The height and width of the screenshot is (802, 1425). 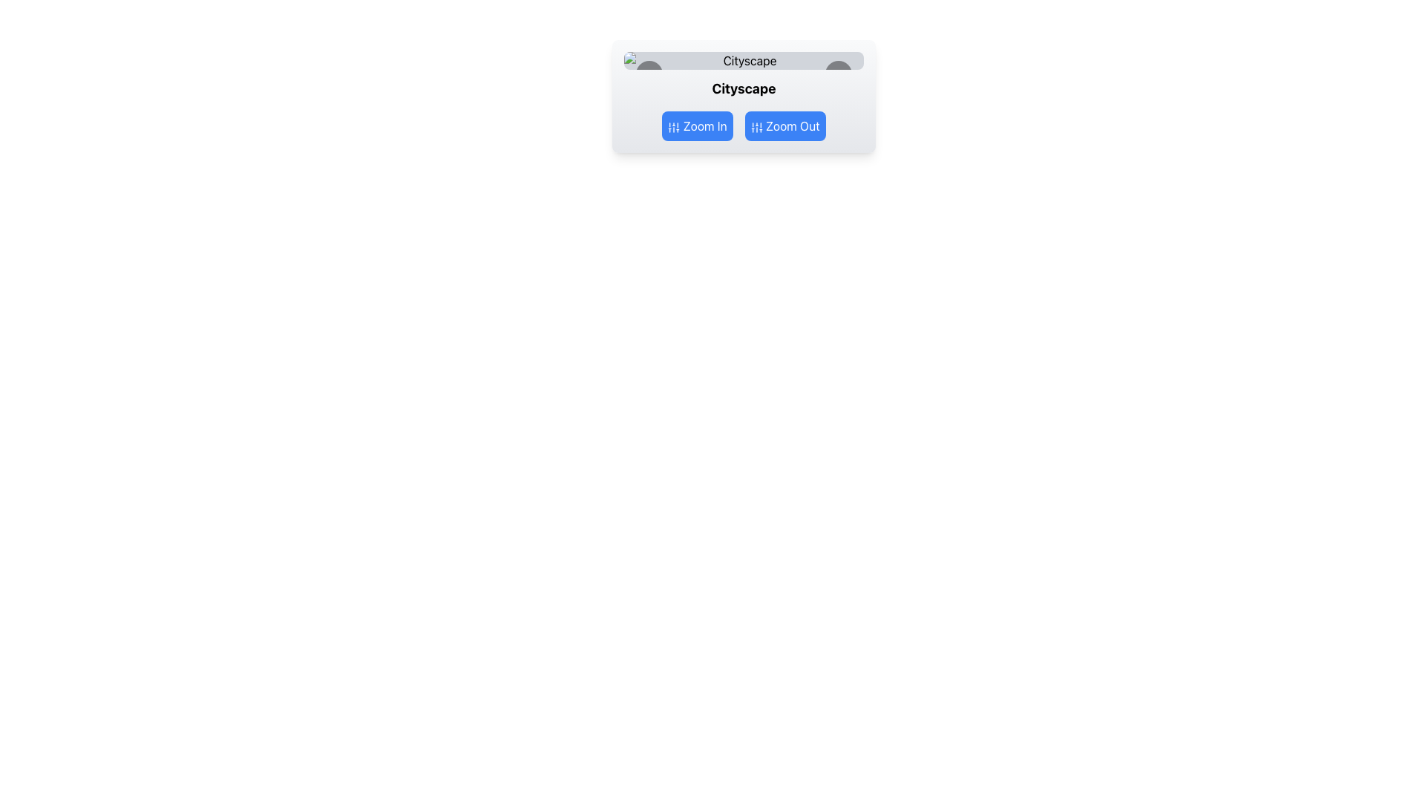 What do you see at coordinates (649, 74) in the screenshot?
I see `the previous item button in the carousel interface, positioned to the left of the displayed image` at bounding box center [649, 74].